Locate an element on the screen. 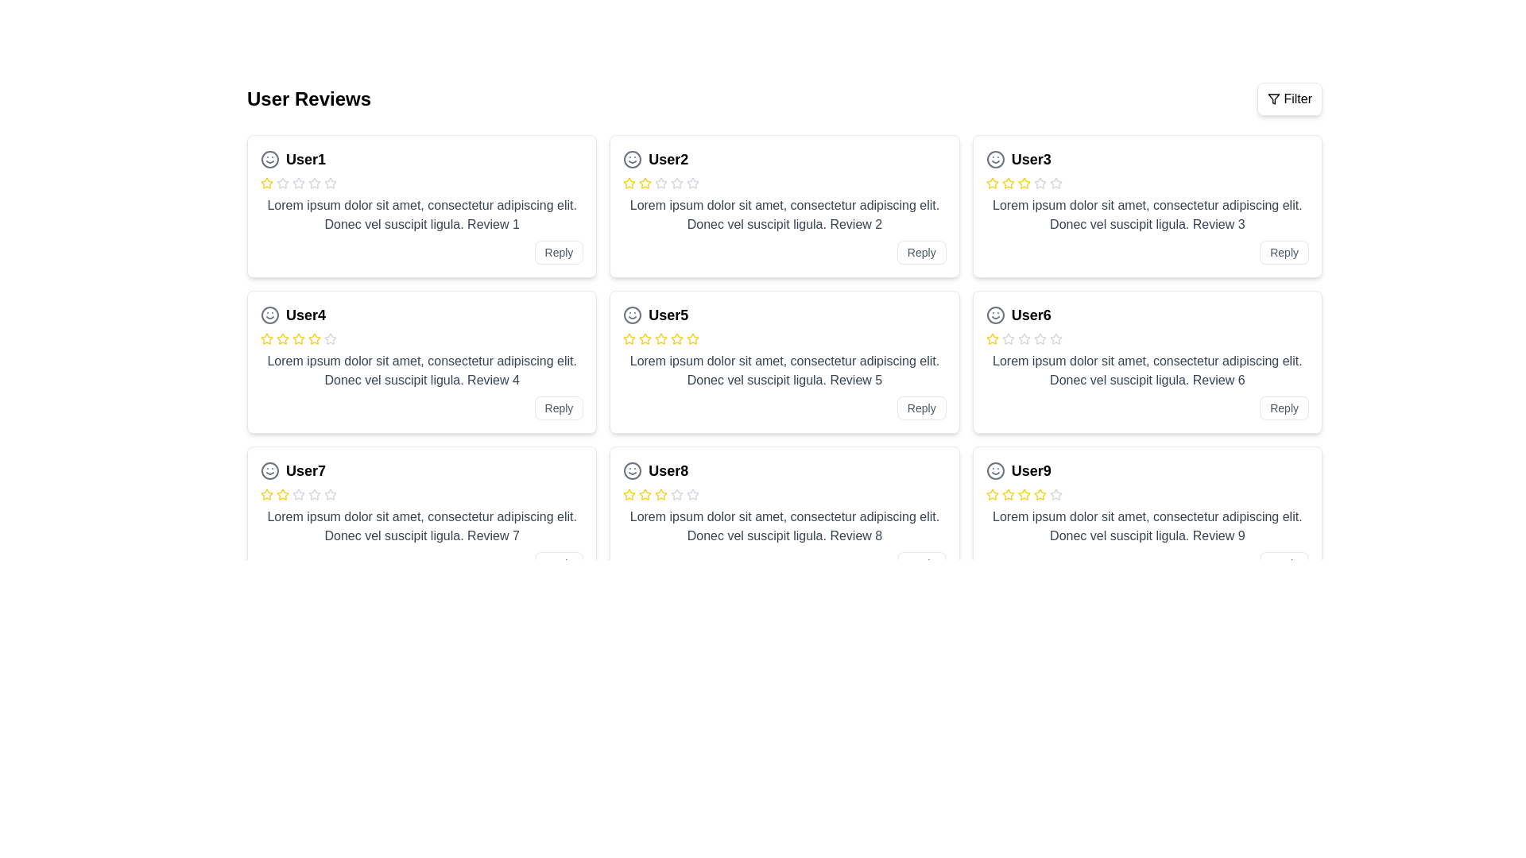 This screenshot has width=1526, height=858. the second star in the five-star rating system under 'User5's review card to update the rating is located at coordinates (629, 338).